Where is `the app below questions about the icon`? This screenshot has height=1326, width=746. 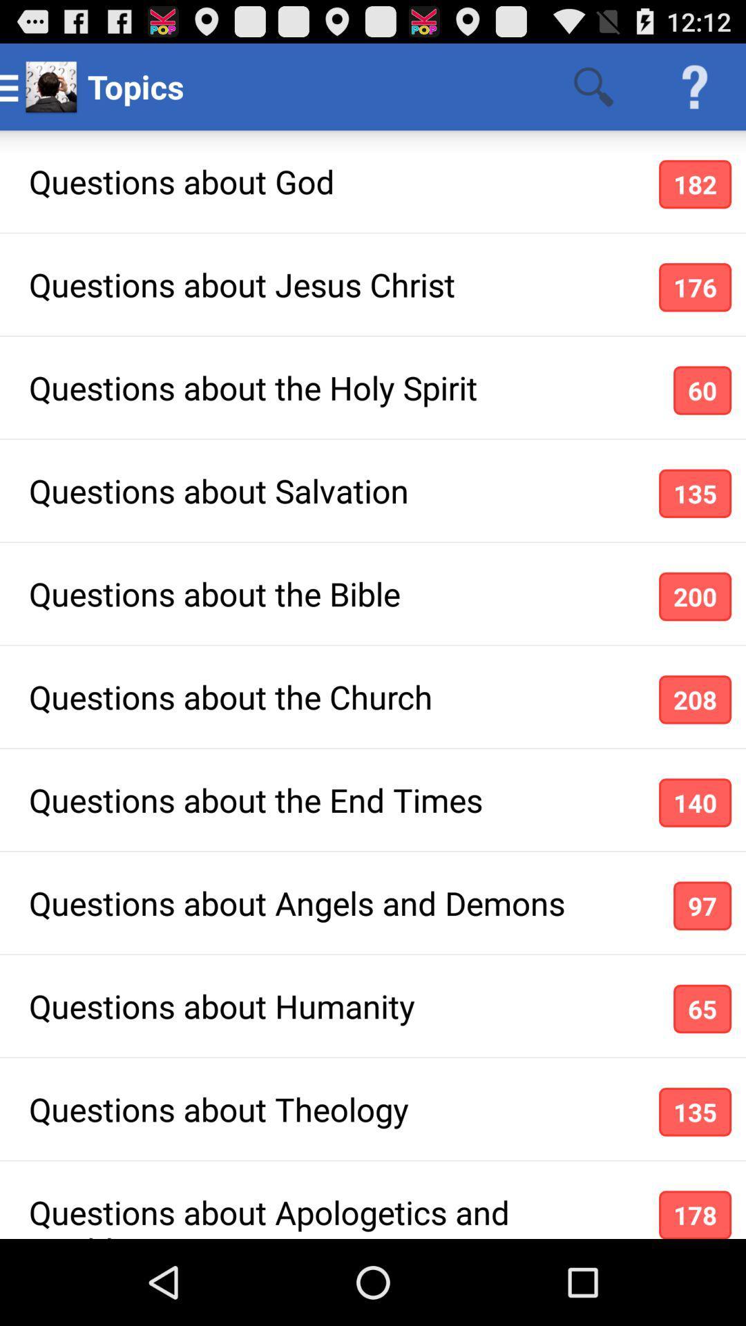
the app below questions about the icon is located at coordinates (695, 700).